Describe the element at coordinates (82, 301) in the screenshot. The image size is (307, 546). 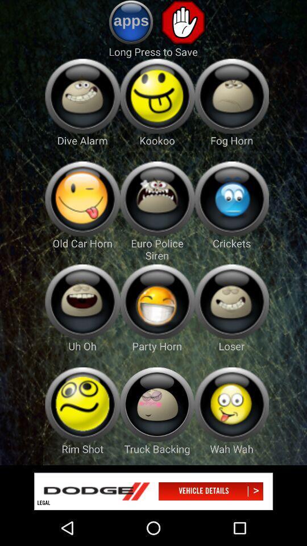
I see `games page` at that location.